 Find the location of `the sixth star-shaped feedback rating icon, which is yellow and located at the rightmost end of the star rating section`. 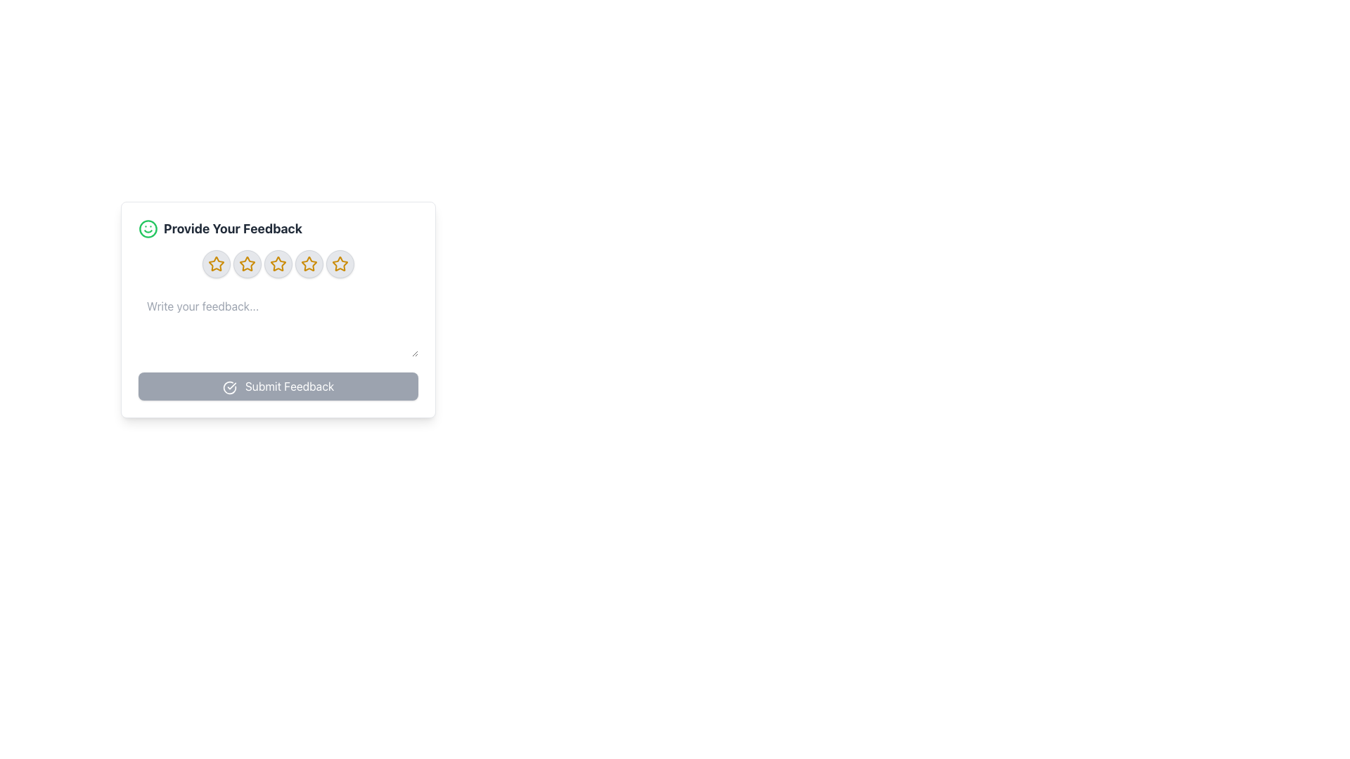

the sixth star-shaped feedback rating icon, which is yellow and located at the rightmost end of the star rating section is located at coordinates (340, 264).